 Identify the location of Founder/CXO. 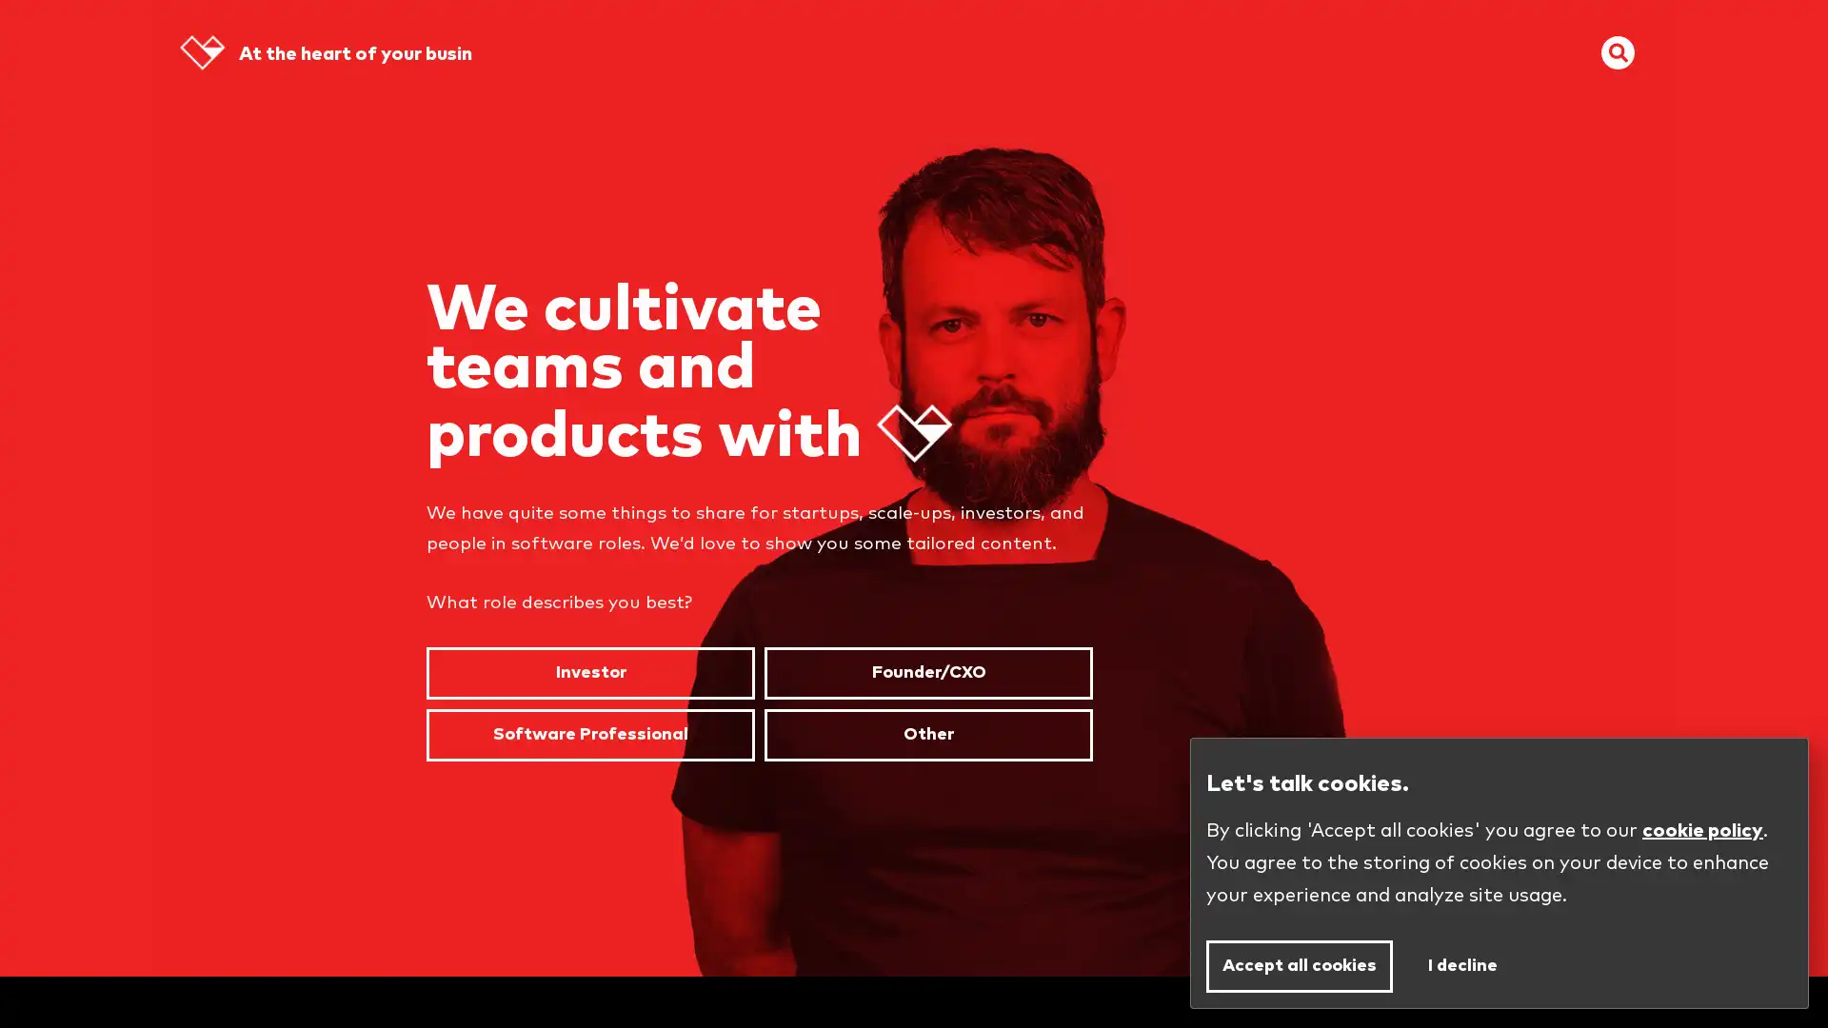
(928, 672).